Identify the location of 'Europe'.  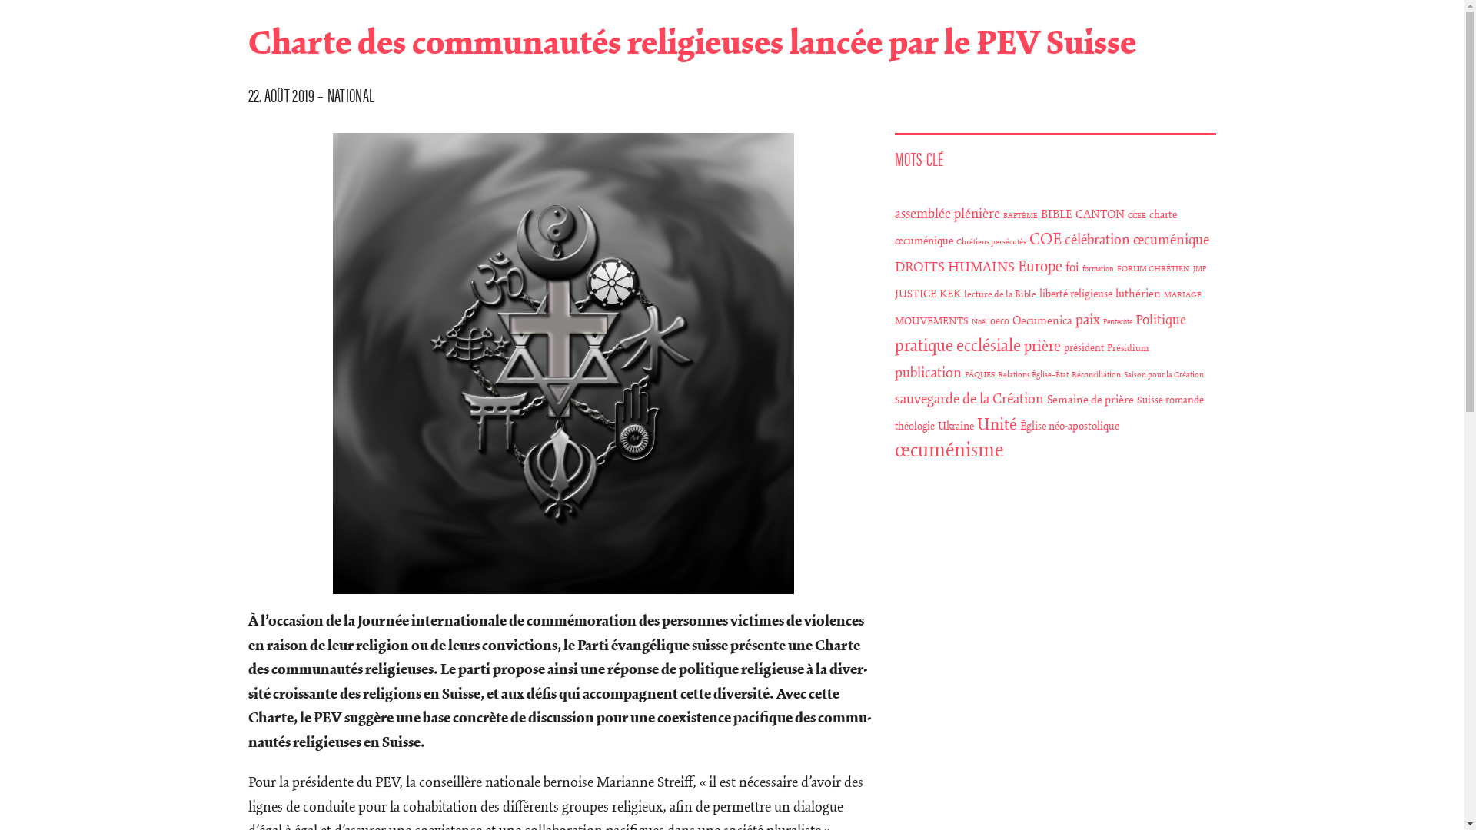
(1040, 266).